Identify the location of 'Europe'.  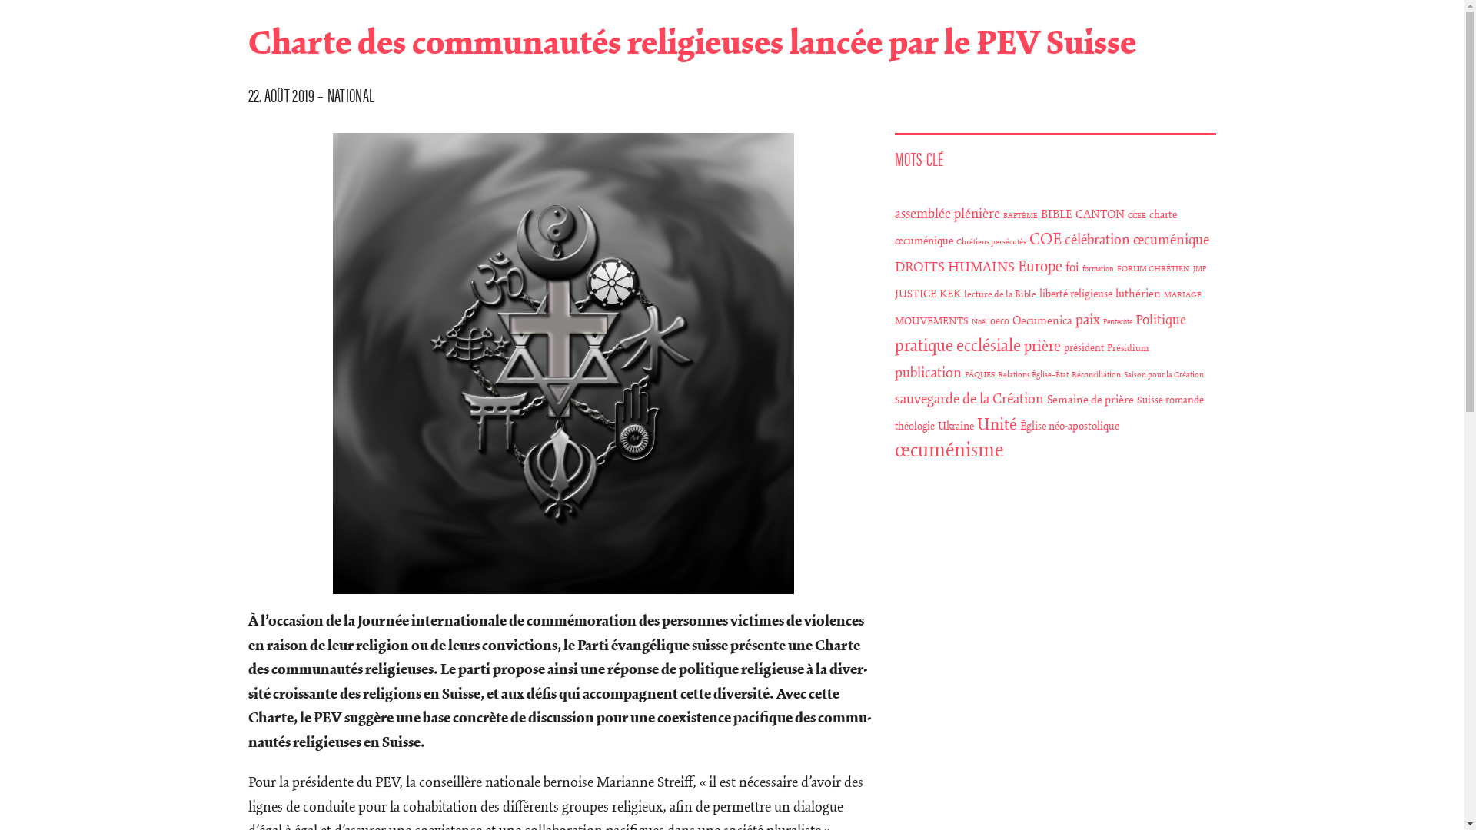
(1040, 266).